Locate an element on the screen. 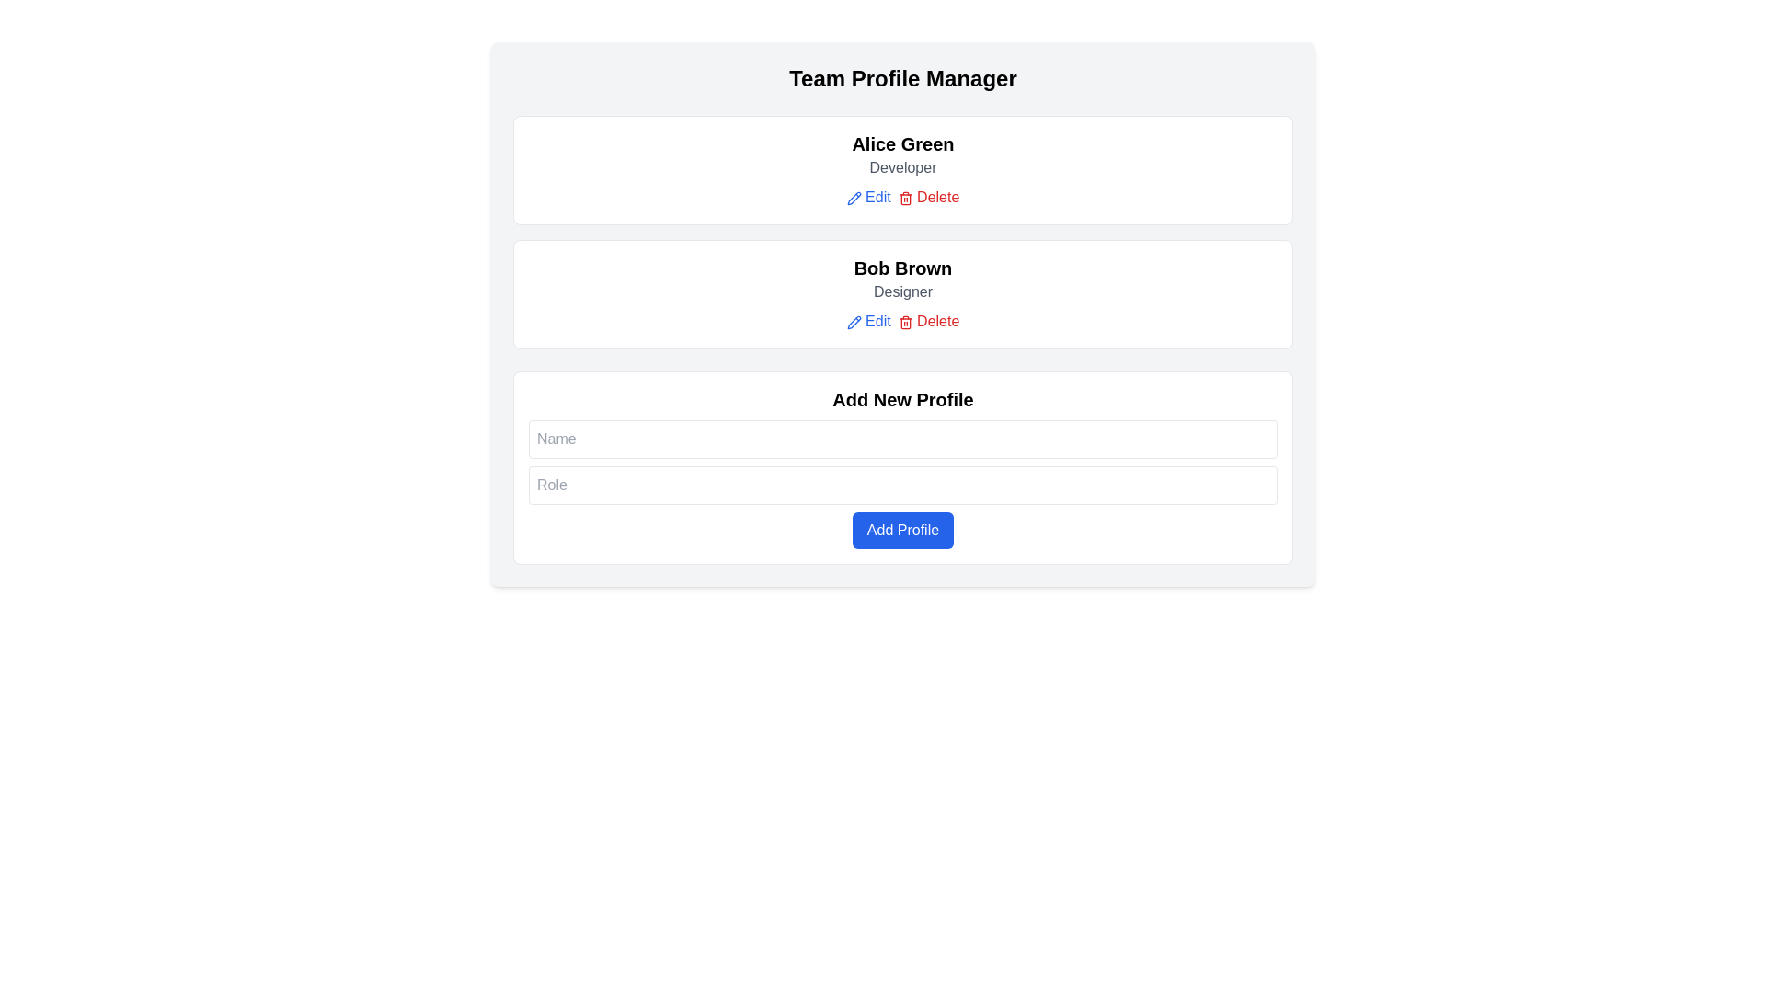 The image size is (1766, 993). the 'Edit' button, which is the first interactive component in the group containing 'Edit' and 'Delete' options for the user 'Bob Brown' is located at coordinates (867, 321).